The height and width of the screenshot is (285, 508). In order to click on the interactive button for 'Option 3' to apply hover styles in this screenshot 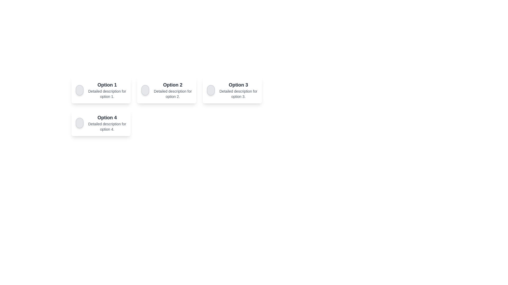, I will do `click(210, 90)`.